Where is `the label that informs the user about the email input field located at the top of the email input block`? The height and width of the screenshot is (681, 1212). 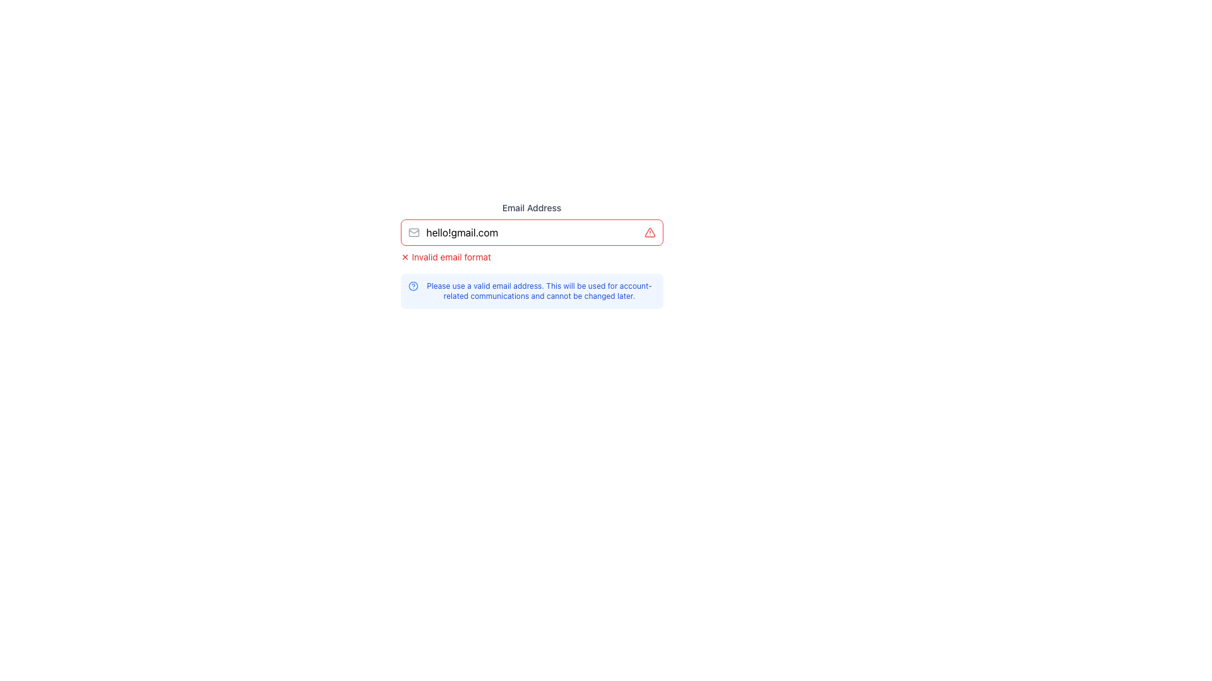 the label that informs the user about the email input field located at the top of the email input block is located at coordinates (532, 207).